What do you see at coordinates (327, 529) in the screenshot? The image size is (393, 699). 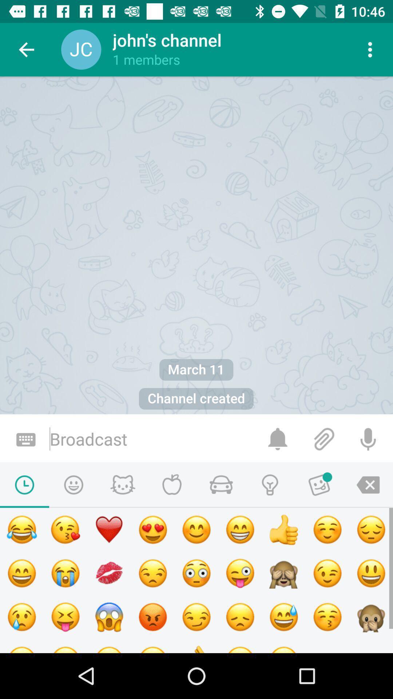 I see `the emoji icon` at bounding box center [327, 529].